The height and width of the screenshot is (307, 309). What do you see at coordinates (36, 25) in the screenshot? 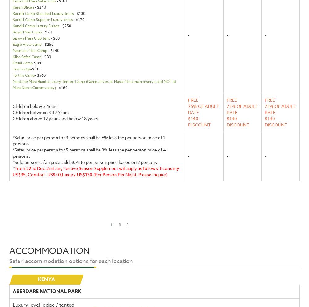
I see `'Kandili Camp Luxury Suites'` at bounding box center [36, 25].